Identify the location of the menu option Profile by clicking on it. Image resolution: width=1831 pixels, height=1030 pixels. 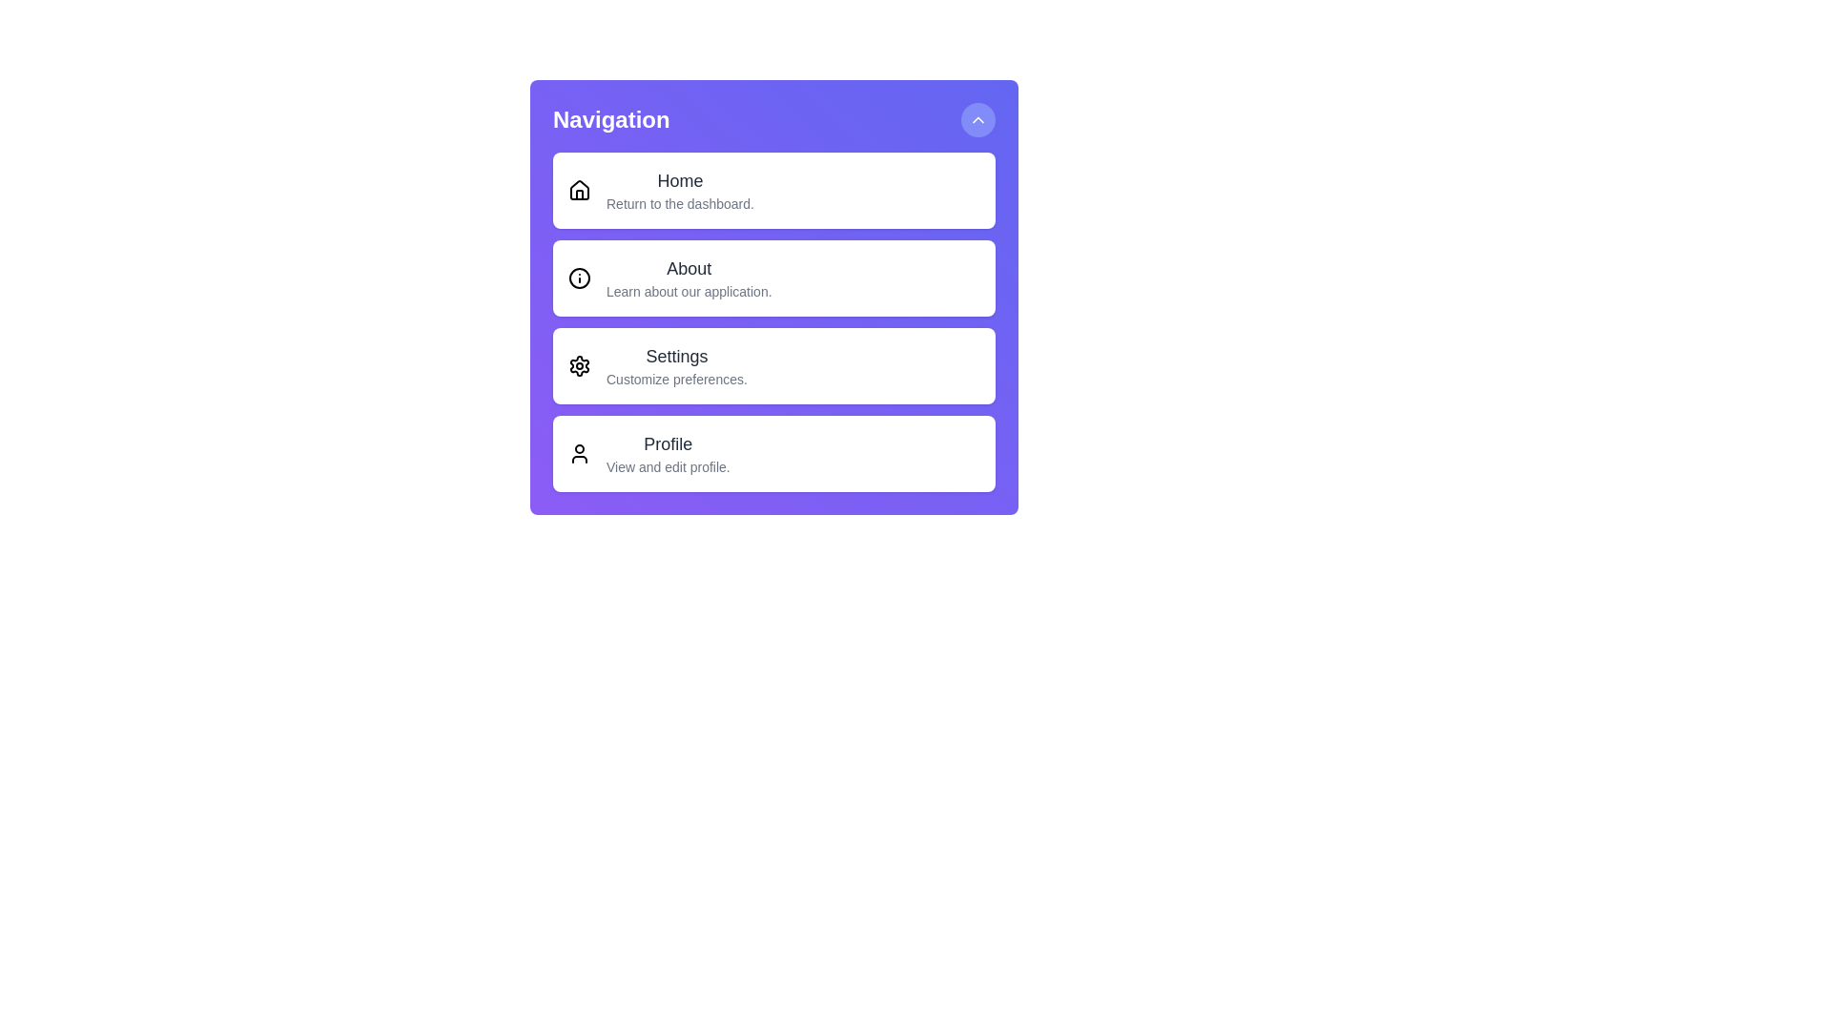
(773, 453).